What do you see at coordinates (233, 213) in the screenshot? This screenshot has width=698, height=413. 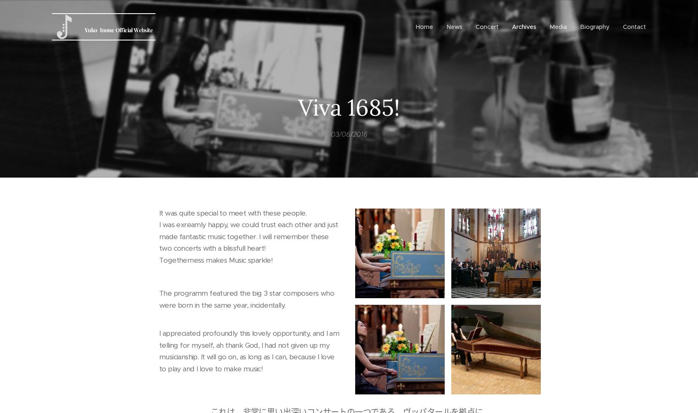 I see `'It was quite special to meet with these people.'` at bounding box center [233, 213].